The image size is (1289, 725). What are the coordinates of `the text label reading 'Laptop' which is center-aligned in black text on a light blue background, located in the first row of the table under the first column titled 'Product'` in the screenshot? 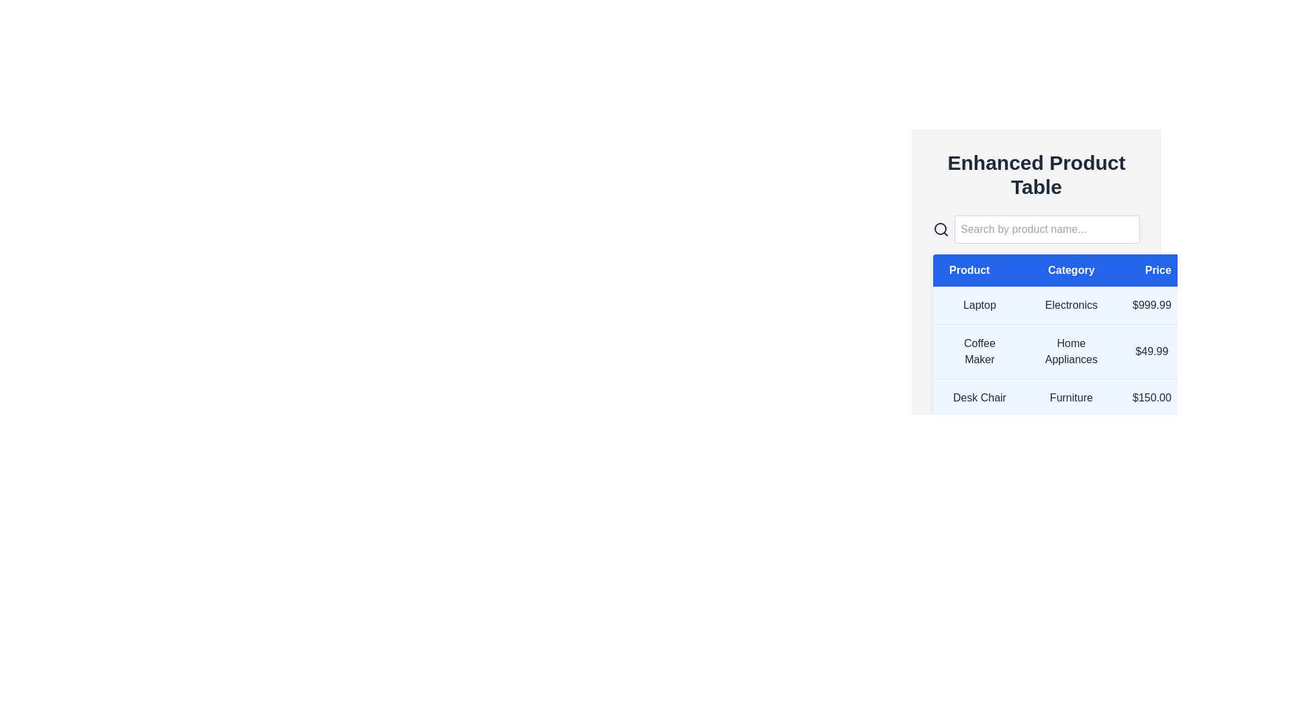 It's located at (980, 305).